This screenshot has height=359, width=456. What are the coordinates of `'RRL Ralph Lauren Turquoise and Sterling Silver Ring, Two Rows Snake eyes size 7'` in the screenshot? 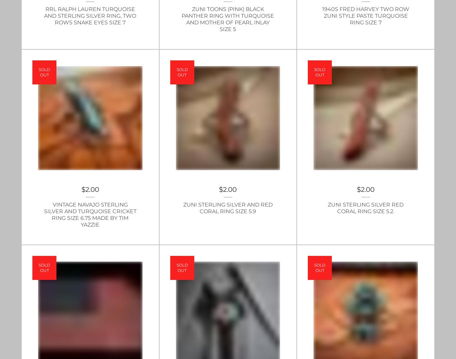 It's located at (90, 15).